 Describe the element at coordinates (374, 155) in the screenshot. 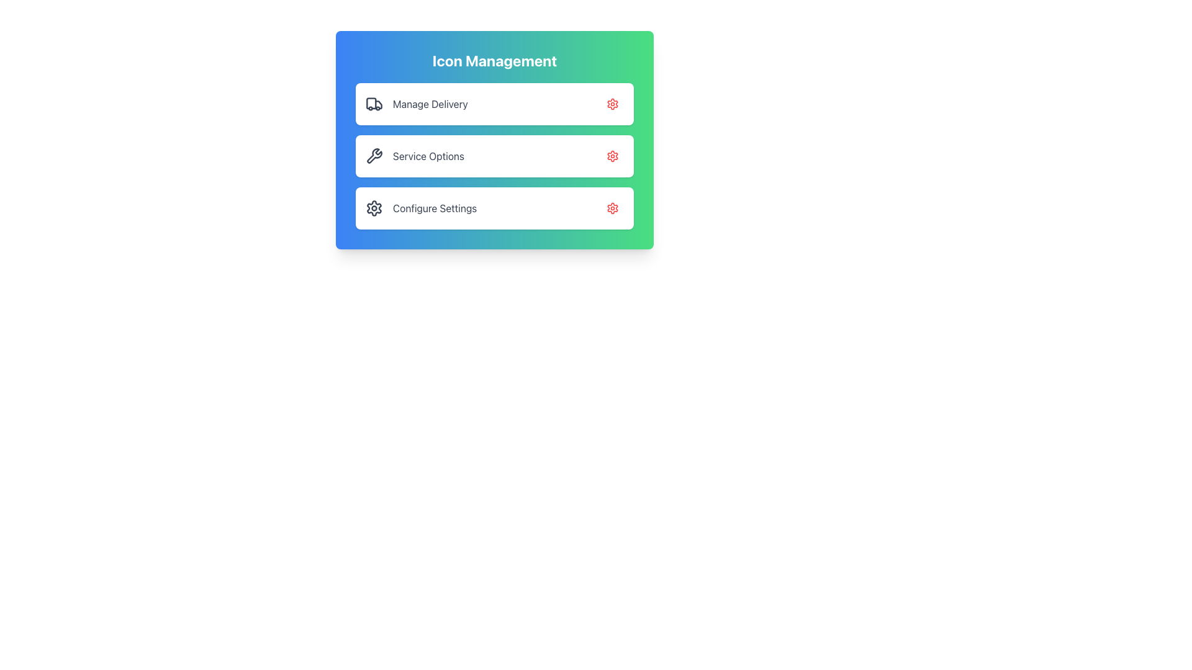

I see `the wrench icon located to the left of the 'Service Options' text label` at that location.